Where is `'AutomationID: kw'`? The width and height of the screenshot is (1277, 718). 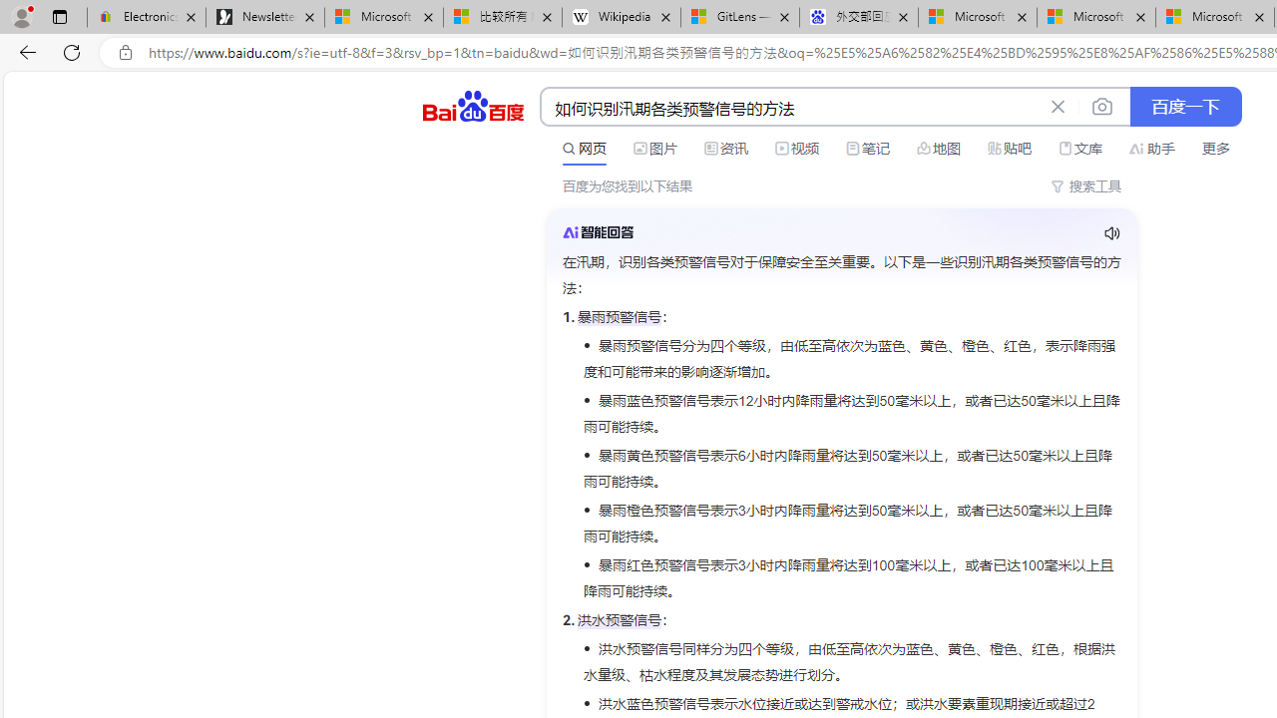 'AutomationID: kw' is located at coordinates (790, 108).